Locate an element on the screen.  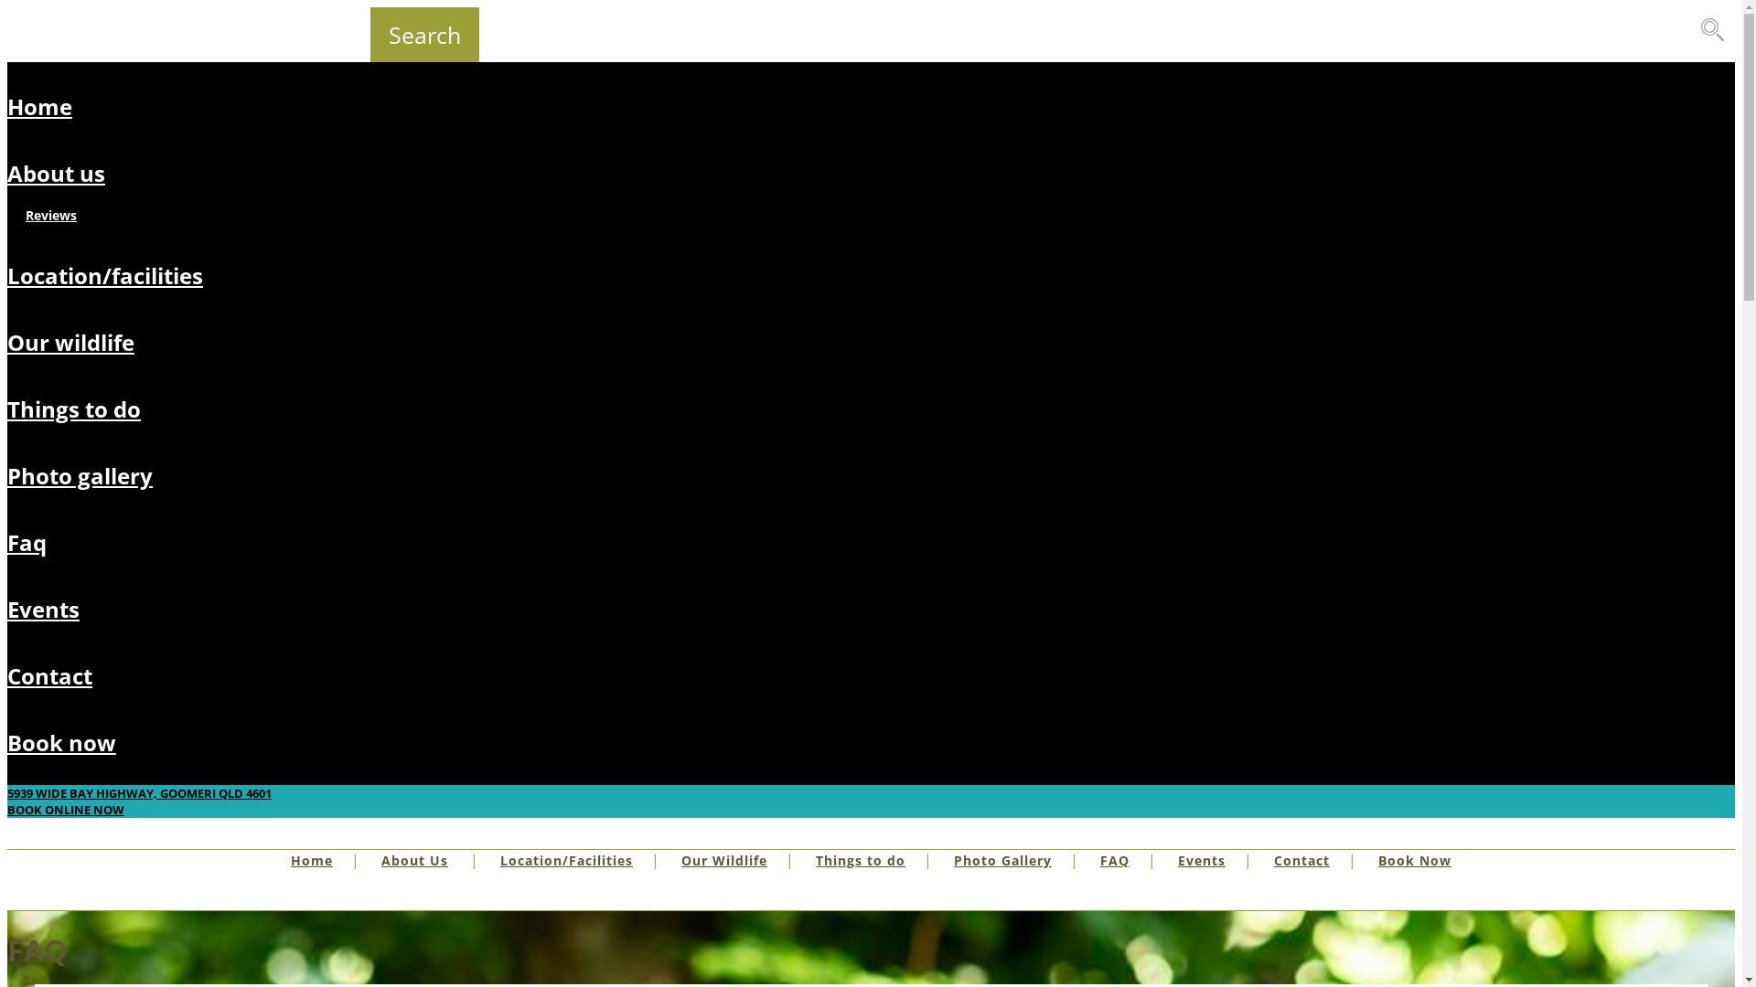
'FAQ' is located at coordinates (1114, 860).